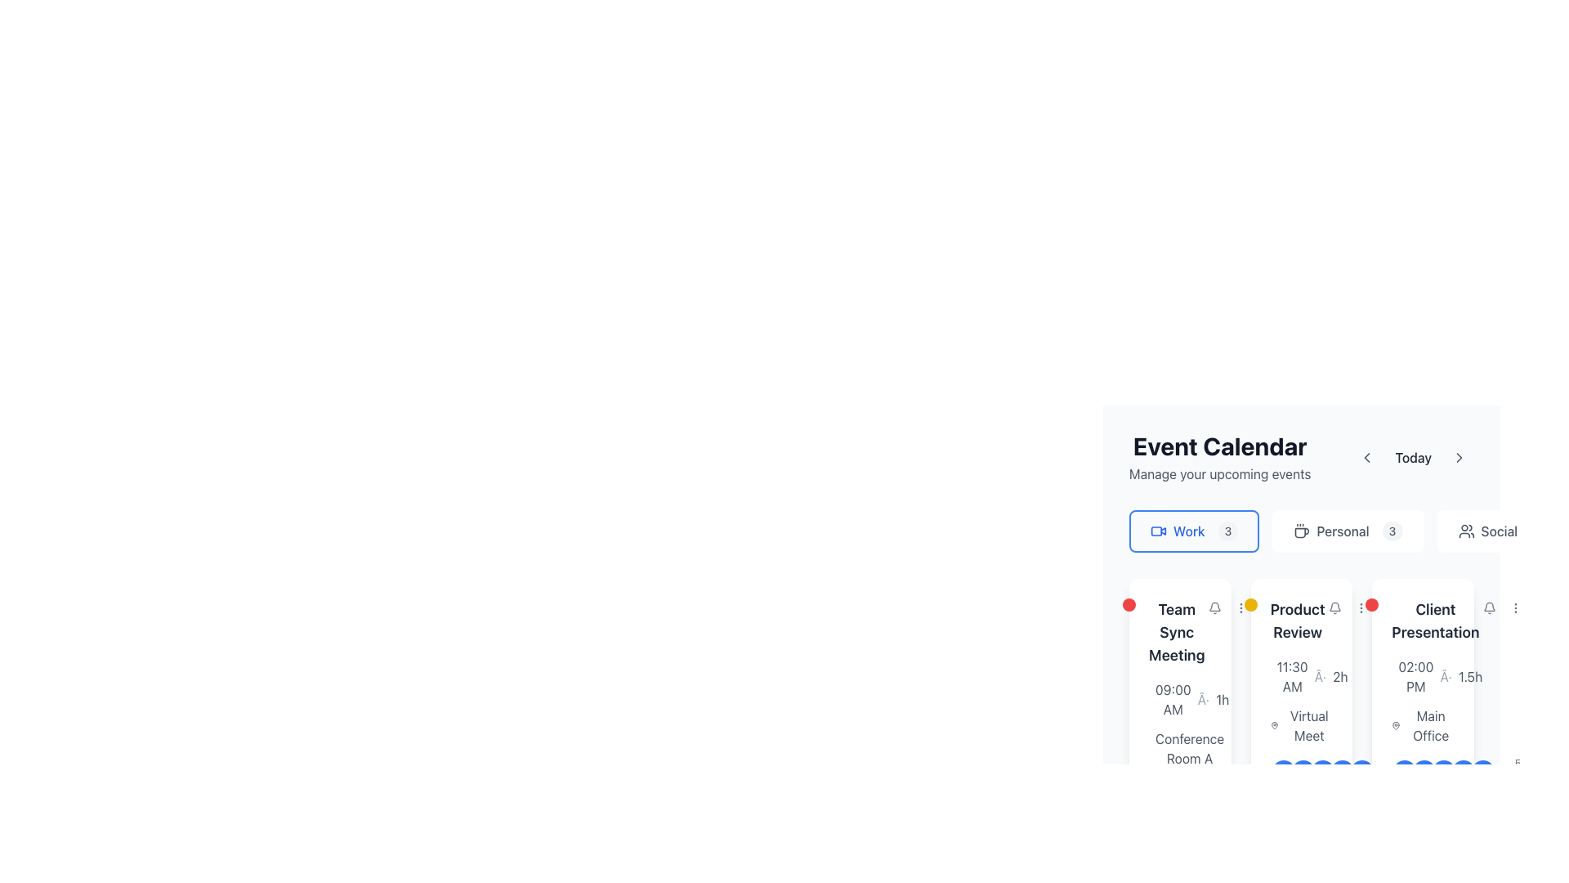 This screenshot has height=883, width=1569. I want to click on the notification bell icon, which is part of the SVG structure located in the top-right corner of the calendar interface, so click(1334, 607).